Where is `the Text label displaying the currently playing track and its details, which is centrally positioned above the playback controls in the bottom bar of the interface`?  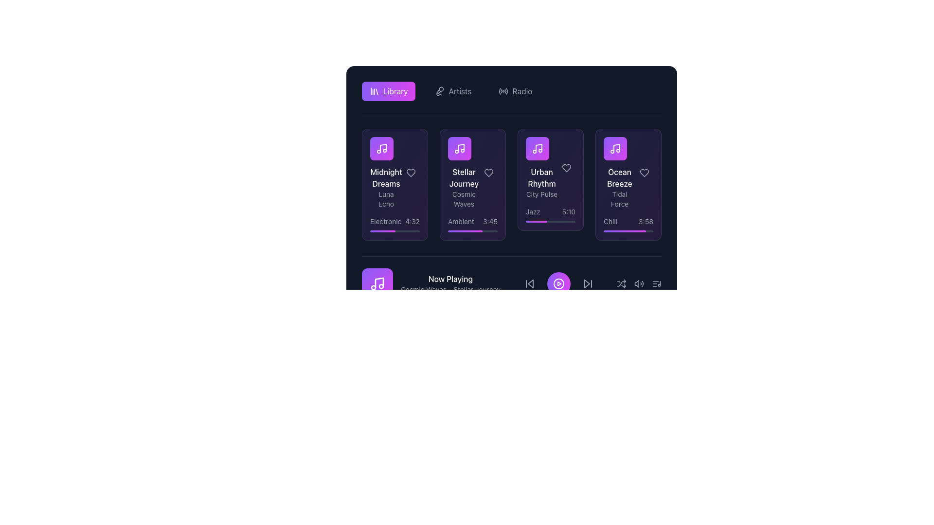
the Text label displaying the currently playing track and its details, which is centrally positioned above the playback controls in the bottom bar of the interface is located at coordinates (450, 283).